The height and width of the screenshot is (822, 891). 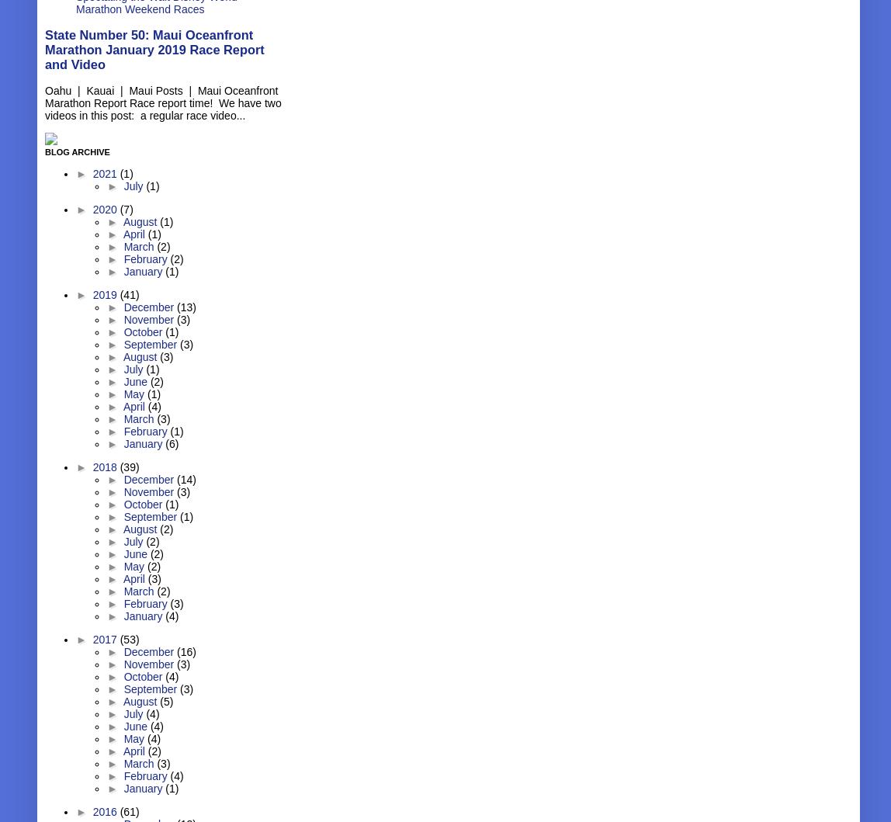 What do you see at coordinates (106, 293) in the screenshot?
I see `'2019'` at bounding box center [106, 293].